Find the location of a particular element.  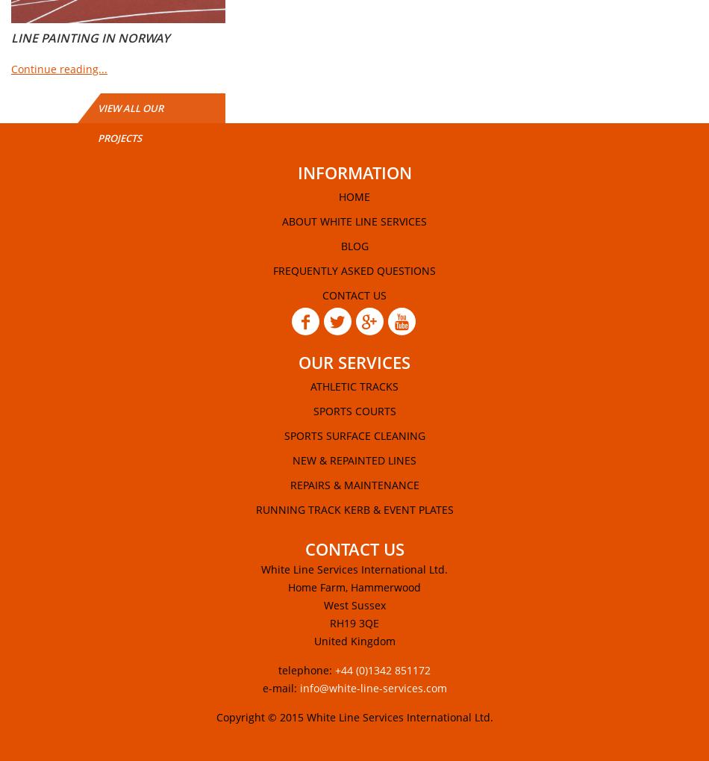

'Sports Surface Cleaning' is located at coordinates (353, 435).